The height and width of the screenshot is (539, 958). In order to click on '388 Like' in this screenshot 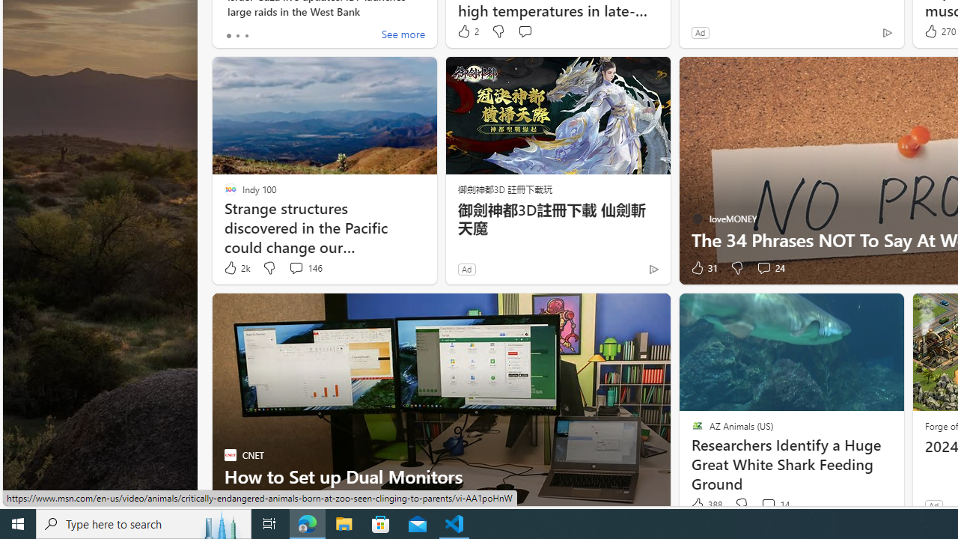, I will do `click(704, 505)`.